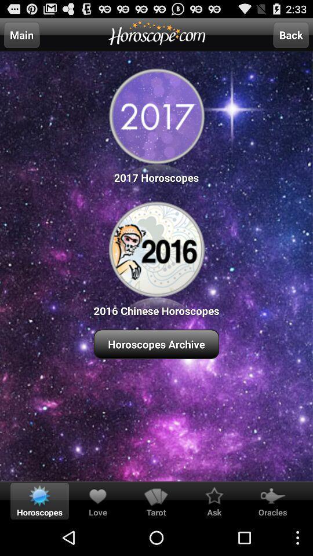 This screenshot has width=313, height=556. I want to click on the back button, so click(290, 34).